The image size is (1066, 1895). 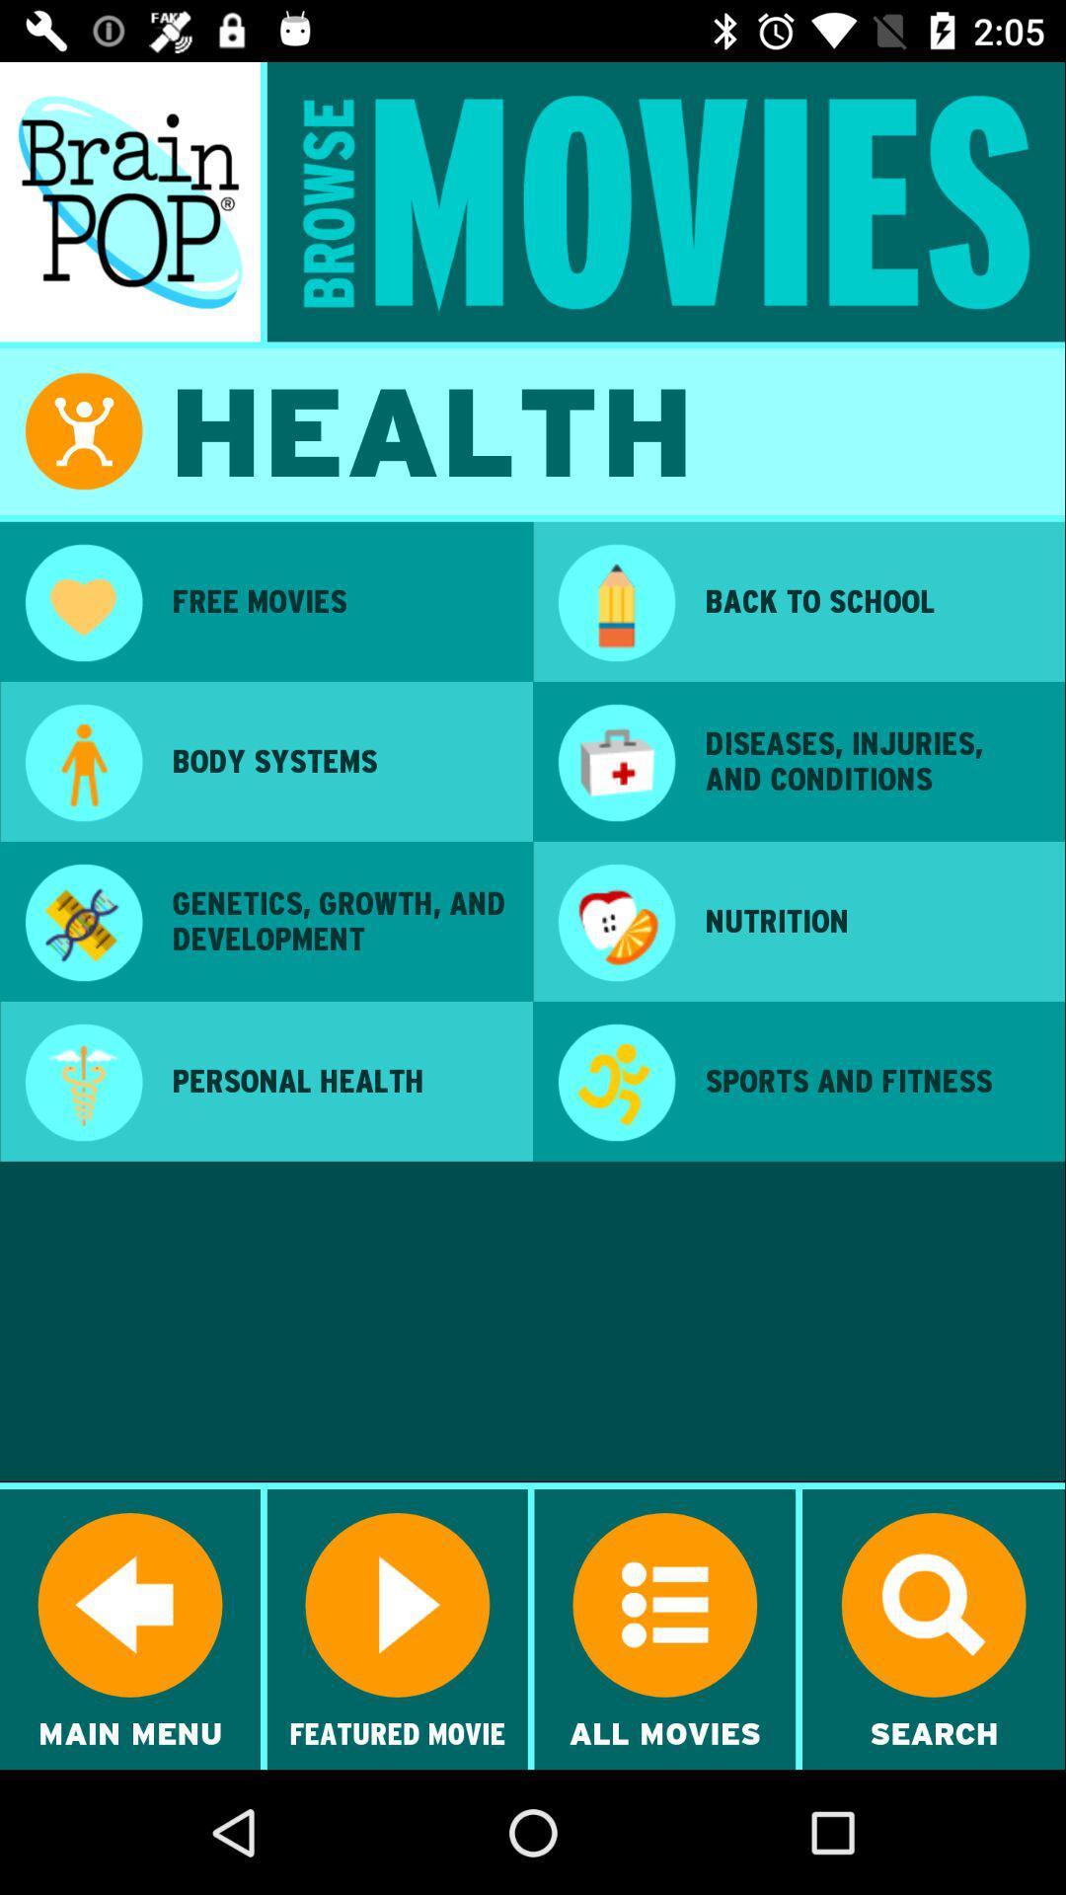 What do you see at coordinates (82, 924) in the screenshot?
I see `the icon to the left of genetics growth and app` at bounding box center [82, 924].